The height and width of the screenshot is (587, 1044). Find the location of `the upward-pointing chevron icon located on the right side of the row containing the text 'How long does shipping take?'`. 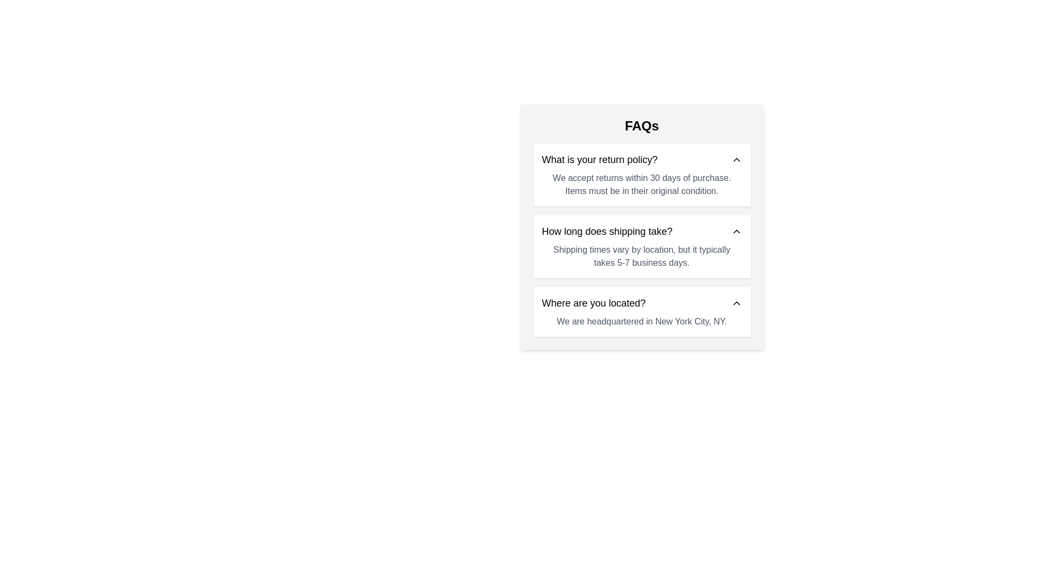

the upward-pointing chevron icon located on the right side of the row containing the text 'How long does shipping take?' is located at coordinates (736, 230).